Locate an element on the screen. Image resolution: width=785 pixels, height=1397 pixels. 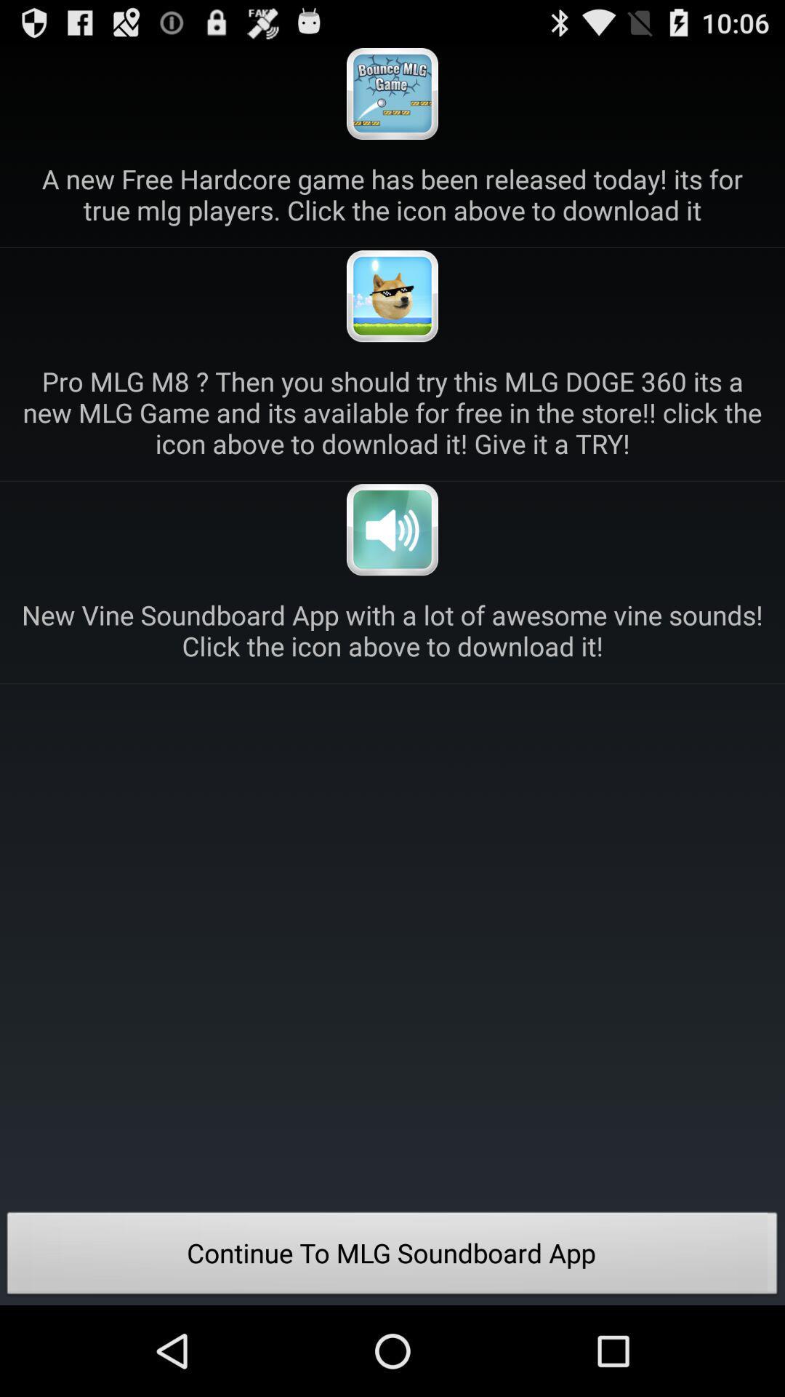
sound app download is located at coordinates (392, 529).